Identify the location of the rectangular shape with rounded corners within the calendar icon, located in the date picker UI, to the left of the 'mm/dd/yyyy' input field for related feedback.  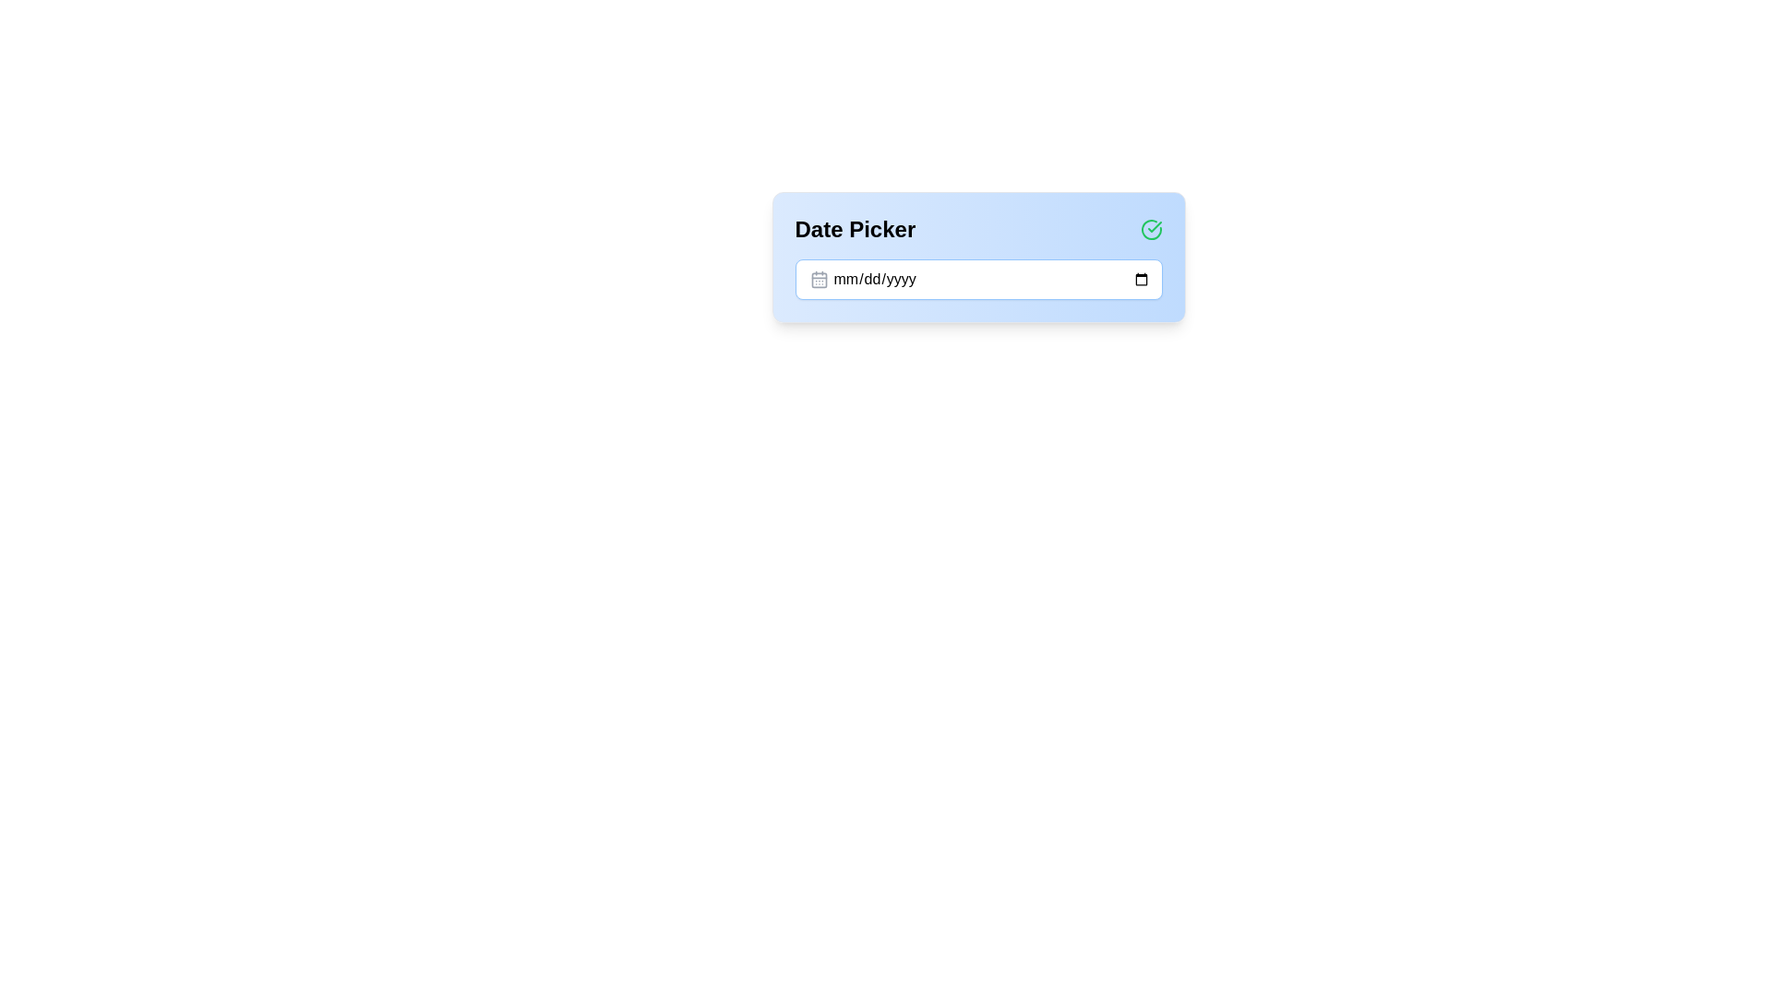
(818, 280).